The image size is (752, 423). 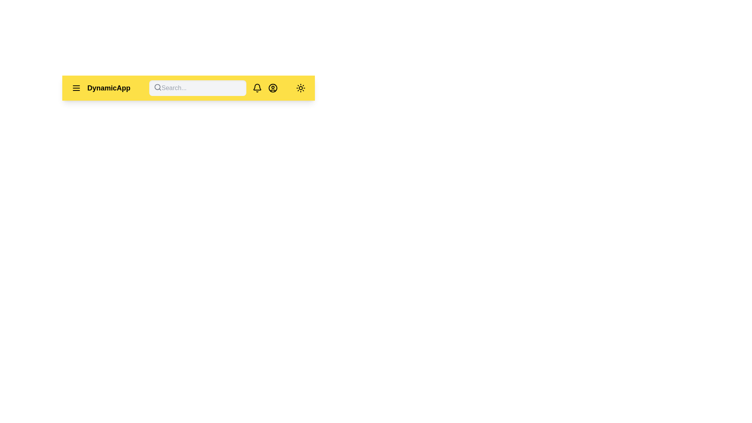 What do you see at coordinates (76, 88) in the screenshot?
I see `the menu icon to open the menu` at bounding box center [76, 88].